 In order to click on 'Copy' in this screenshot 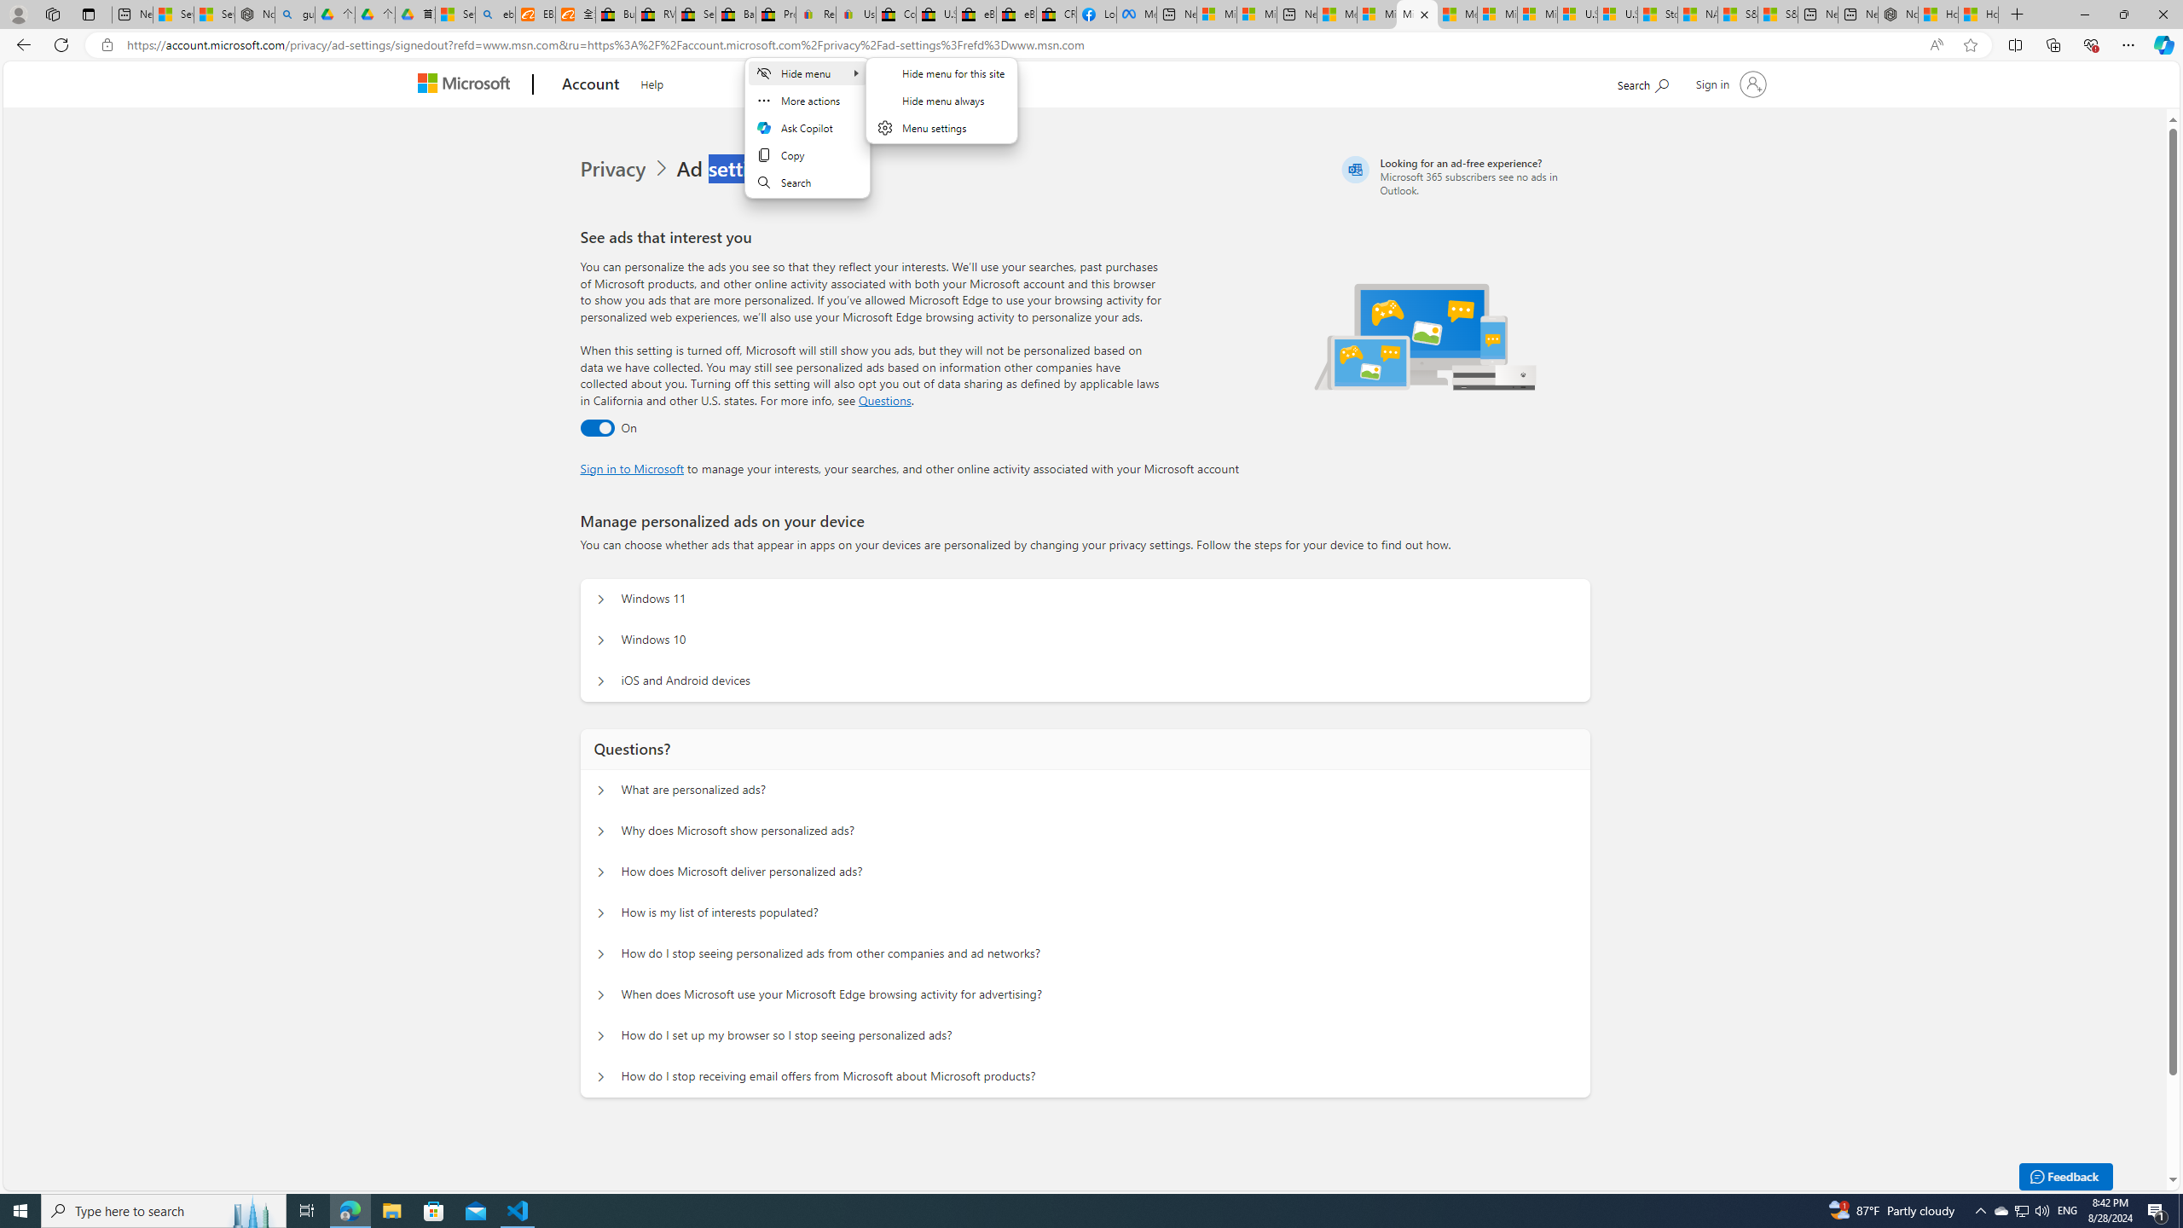, I will do `click(806, 154)`.